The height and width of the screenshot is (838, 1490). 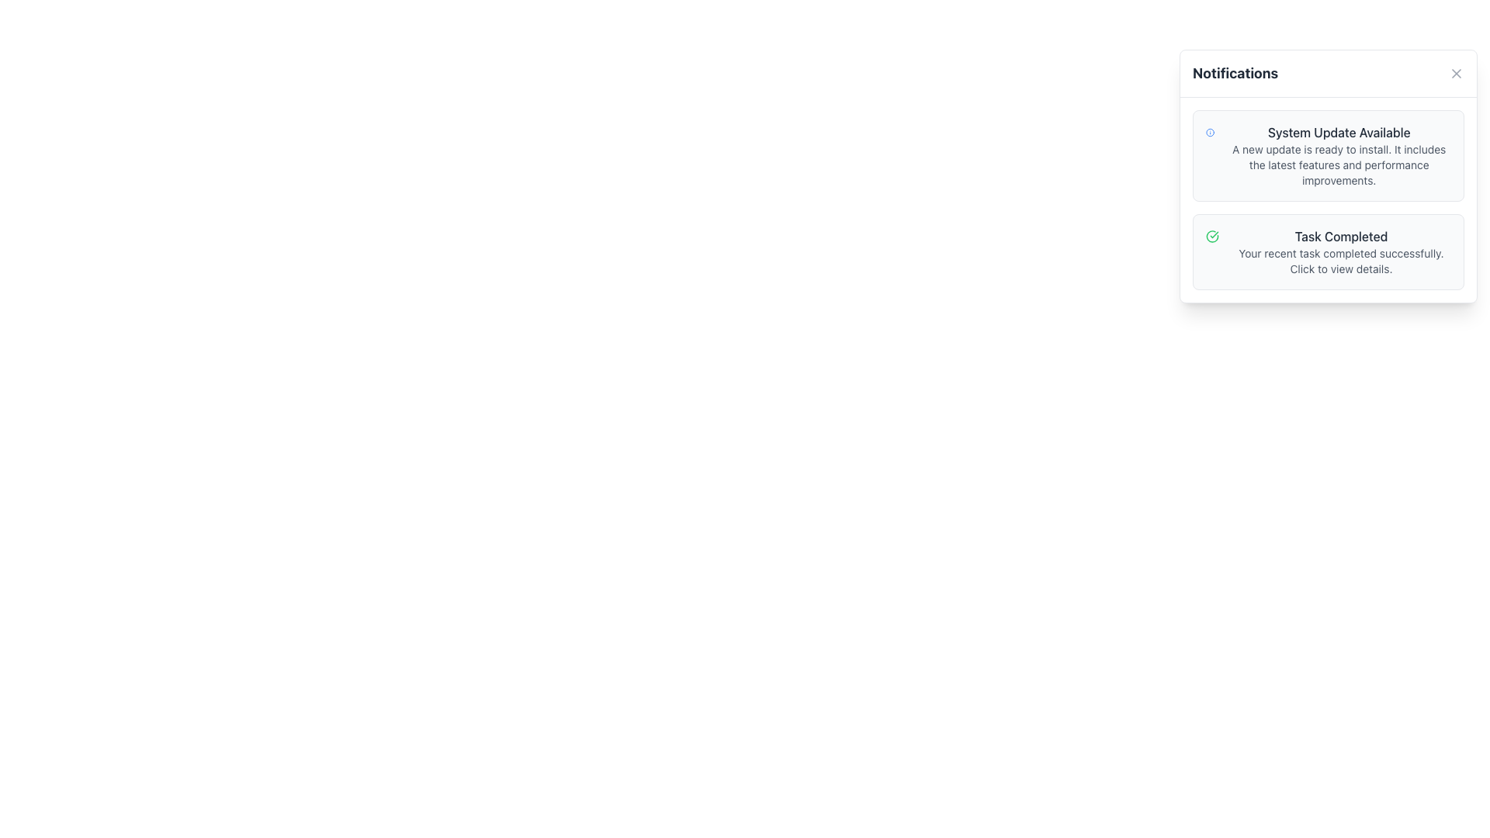 I want to click on the close button located in the upper-right corner of the 'Notifications' panel to observe styling changes, so click(x=1455, y=74).